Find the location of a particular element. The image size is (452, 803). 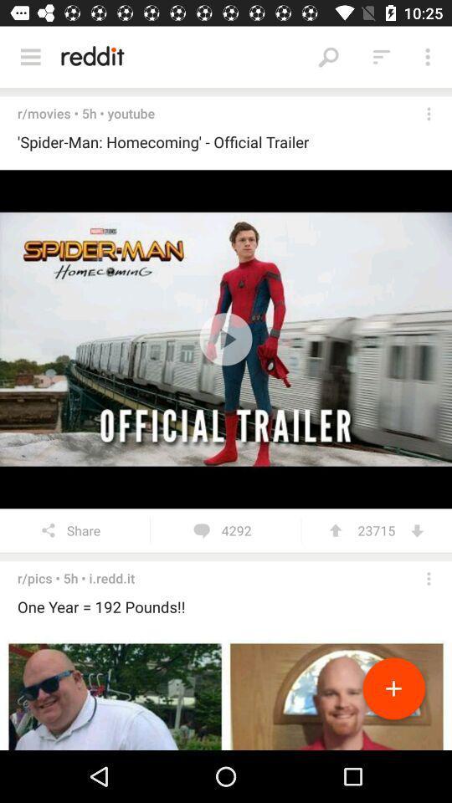

show menu options is located at coordinates (30, 57).